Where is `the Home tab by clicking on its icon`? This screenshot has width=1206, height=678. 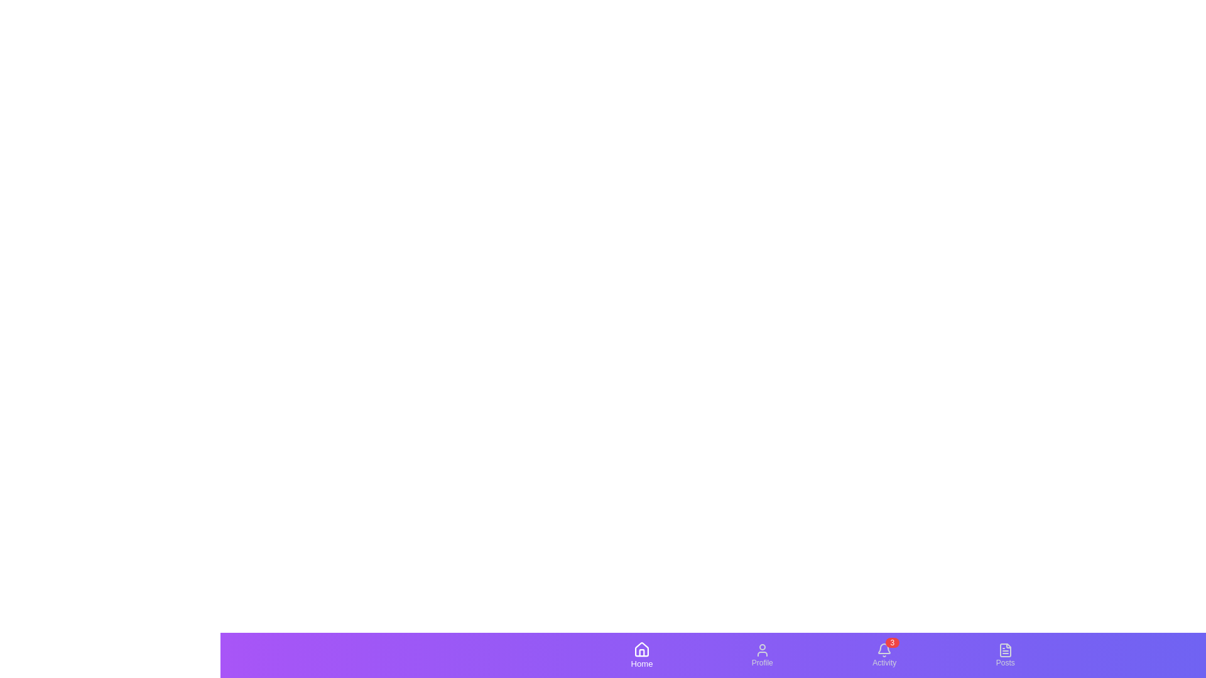
the Home tab by clicking on its icon is located at coordinates (642, 655).